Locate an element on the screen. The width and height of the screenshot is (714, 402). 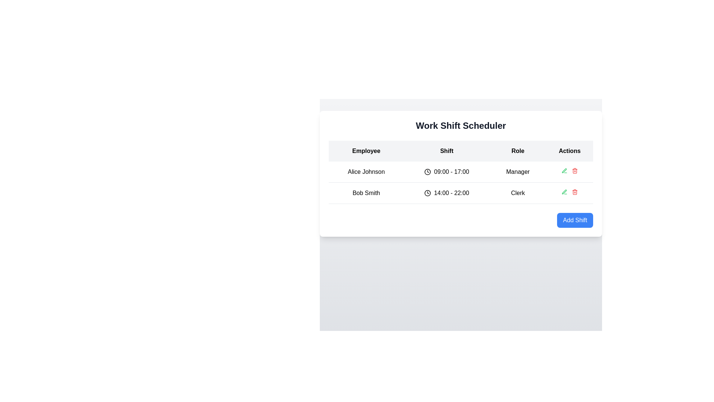
the text label reading 'Shift', which is styled with black bold text and positioned between 'Employee' and 'Role' in the table layout is located at coordinates (446, 151).